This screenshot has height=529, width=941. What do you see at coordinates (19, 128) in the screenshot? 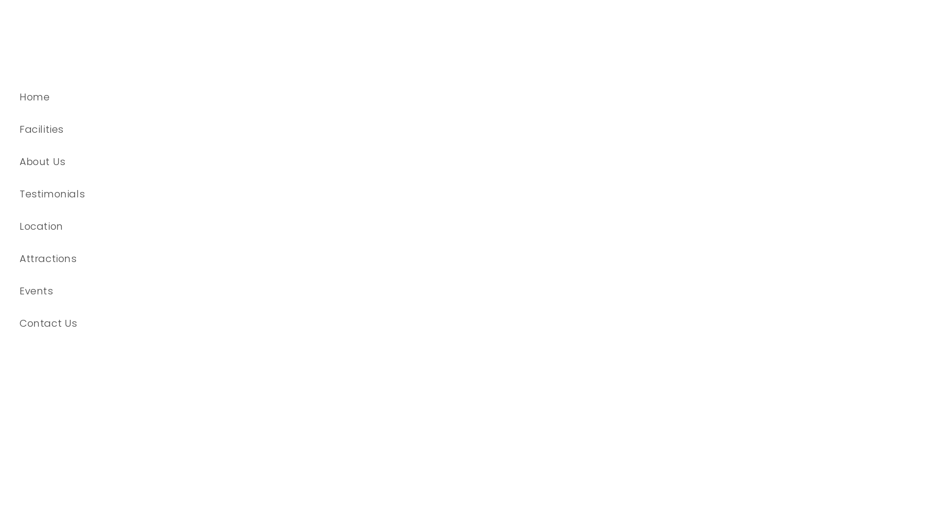
I see `'Facilities'` at bounding box center [19, 128].